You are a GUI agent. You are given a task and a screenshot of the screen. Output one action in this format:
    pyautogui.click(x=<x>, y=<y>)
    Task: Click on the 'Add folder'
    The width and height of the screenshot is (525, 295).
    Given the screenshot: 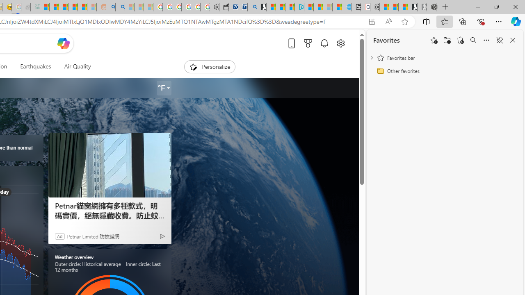 What is the action you would take?
    pyautogui.click(x=446, y=40)
    